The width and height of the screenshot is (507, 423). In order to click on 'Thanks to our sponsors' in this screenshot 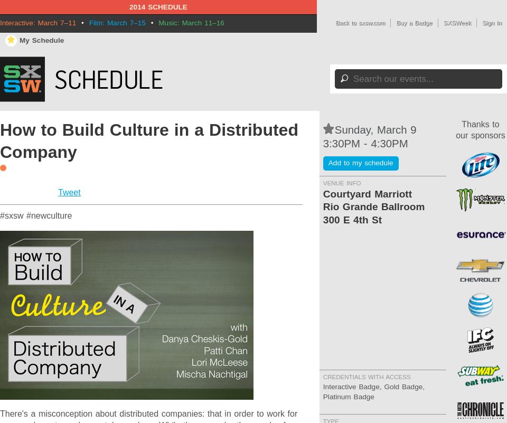, I will do `click(480, 129)`.